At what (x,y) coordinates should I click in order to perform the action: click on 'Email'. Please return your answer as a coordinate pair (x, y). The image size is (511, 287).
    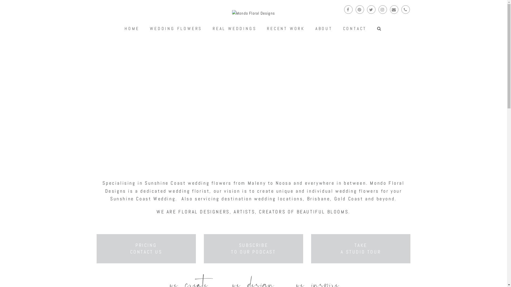
    Looking at the image, I should click on (394, 9).